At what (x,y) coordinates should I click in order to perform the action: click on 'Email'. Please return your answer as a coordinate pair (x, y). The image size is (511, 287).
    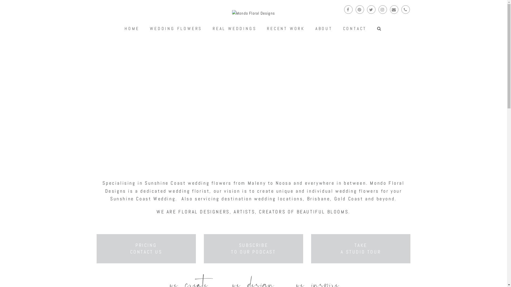
    Looking at the image, I should click on (394, 9).